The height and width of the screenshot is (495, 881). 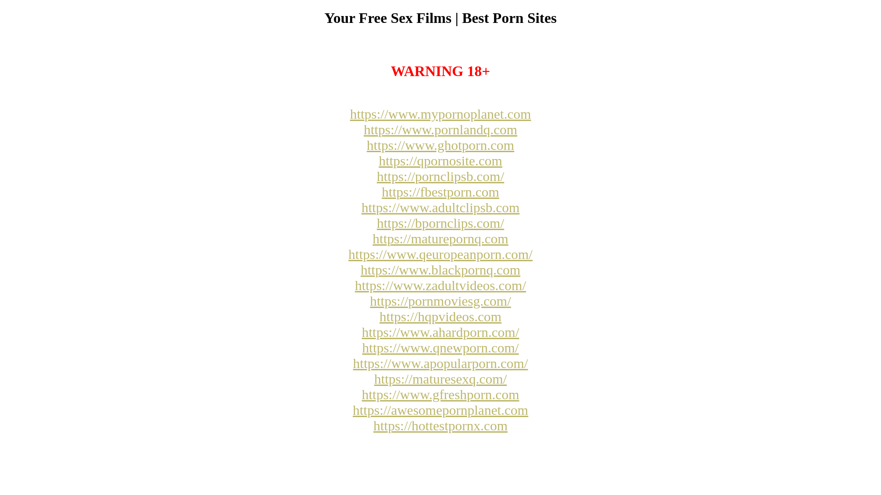 What do you see at coordinates (440, 113) in the screenshot?
I see `'https://www.mypornoplanet.com'` at bounding box center [440, 113].